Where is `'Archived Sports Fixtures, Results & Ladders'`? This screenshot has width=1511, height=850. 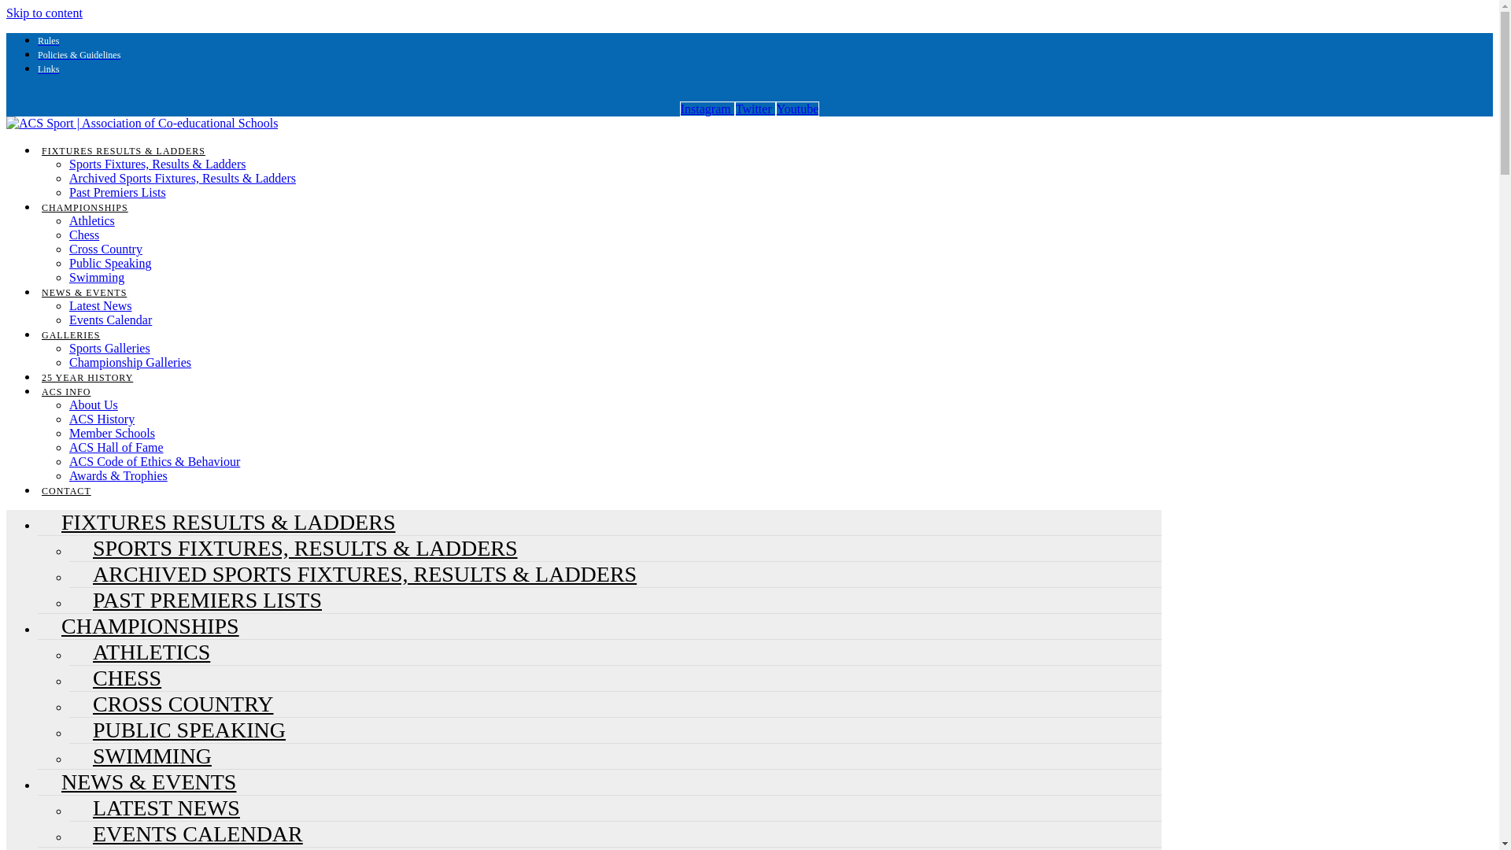
'Archived Sports Fixtures, Results & Ladders' is located at coordinates (182, 177).